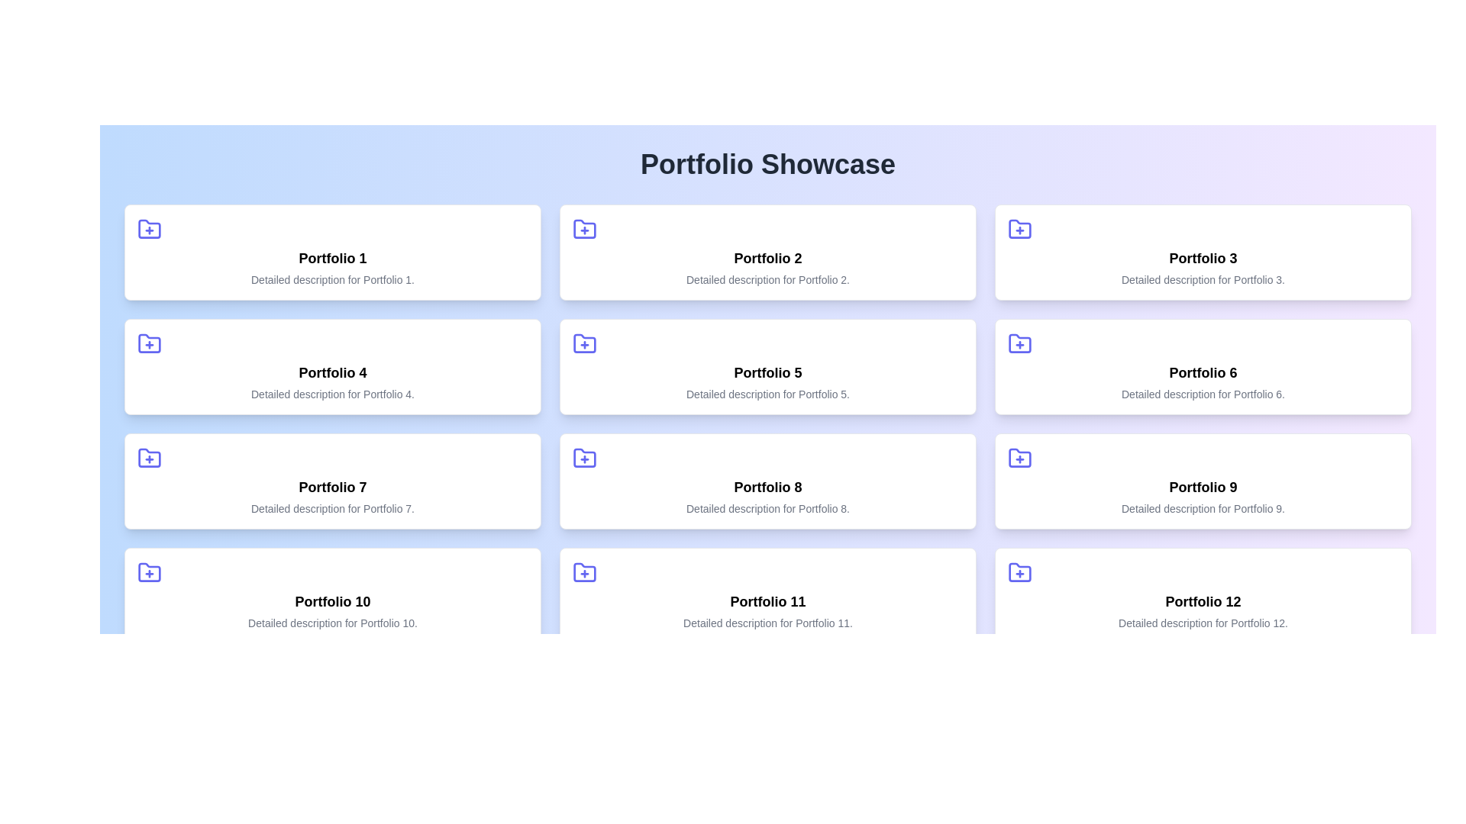 The image size is (1466, 824). What do you see at coordinates (584, 229) in the screenshot?
I see `the blue folder-shaped icon with a plus sign located to the left of the text 'Portfolio 2'` at bounding box center [584, 229].